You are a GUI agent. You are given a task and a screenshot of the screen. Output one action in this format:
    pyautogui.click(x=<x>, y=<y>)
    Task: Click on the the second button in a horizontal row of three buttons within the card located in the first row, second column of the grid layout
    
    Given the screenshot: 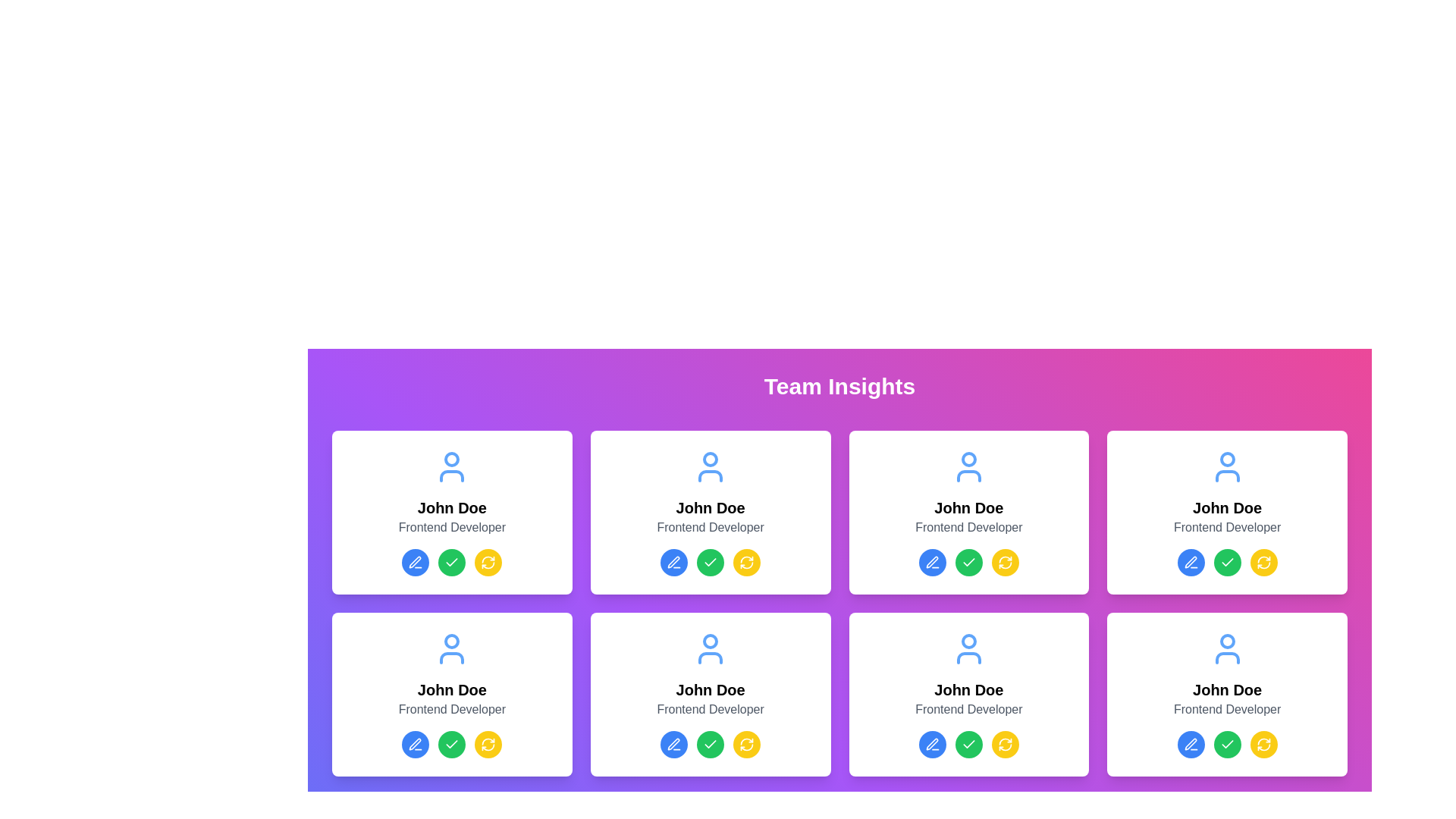 What is the action you would take?
    pyautogui.click(x=968, y=562)
    